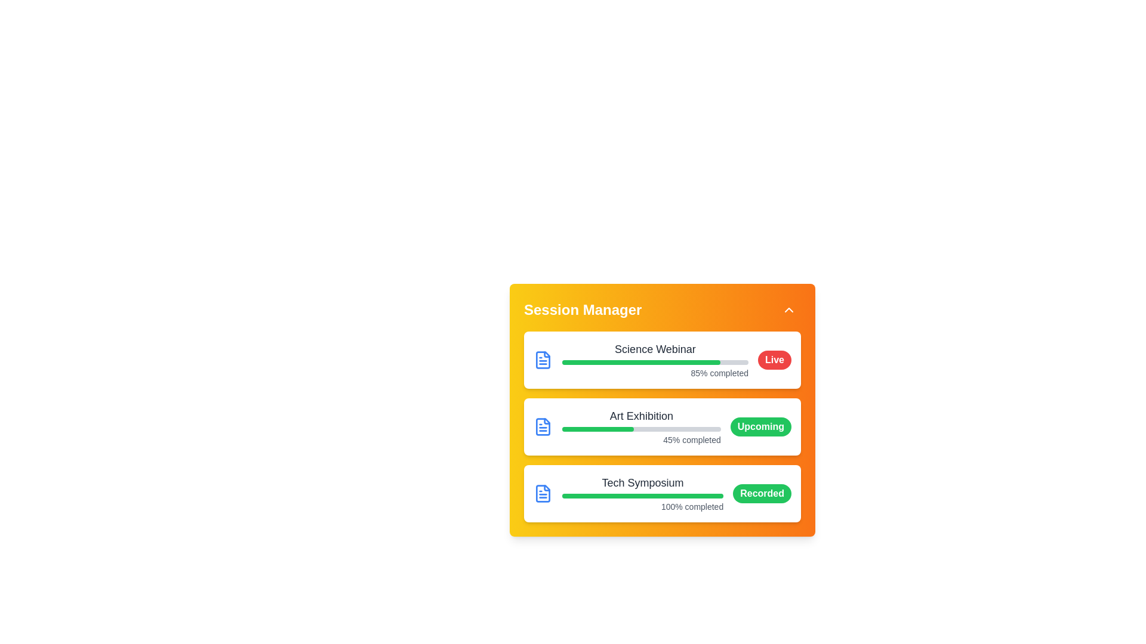 The image size is (1146, 644). What do you see at coordinates (661, 409) in the screenshot?
I see `session information from the 'Session Manager' structured information card, which is a rectangular card with a gradient background transitioning from yellow to orange, located at the center of the interface` at bounding box center [661, 409].